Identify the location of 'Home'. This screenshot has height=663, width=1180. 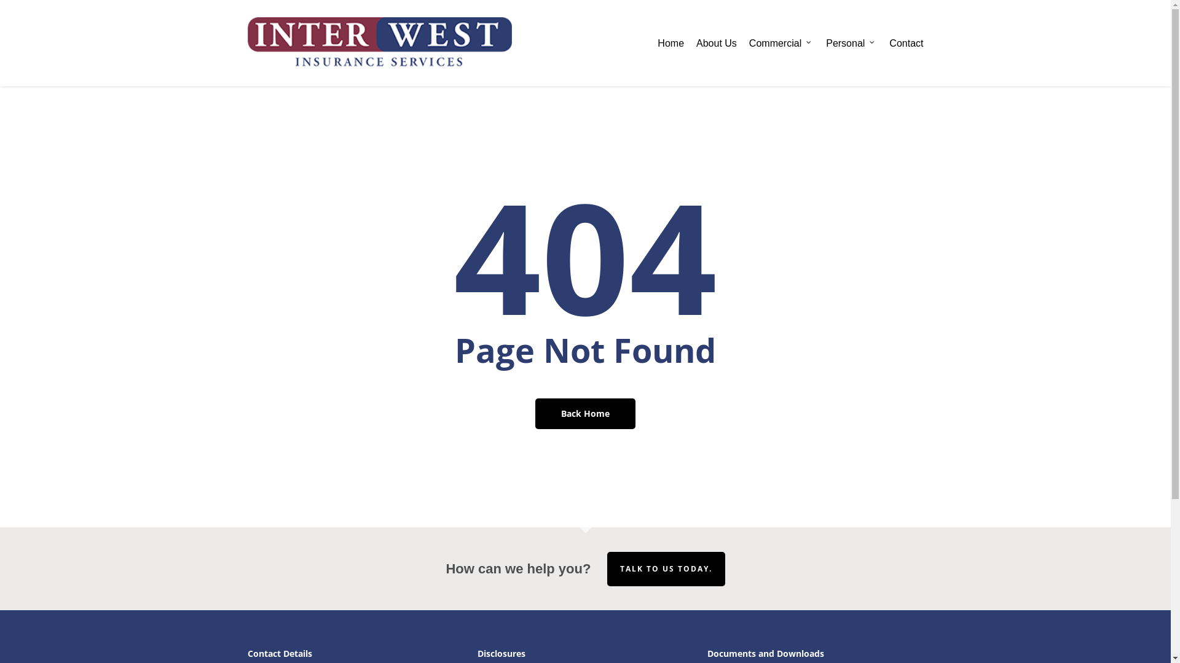
(657, 42).